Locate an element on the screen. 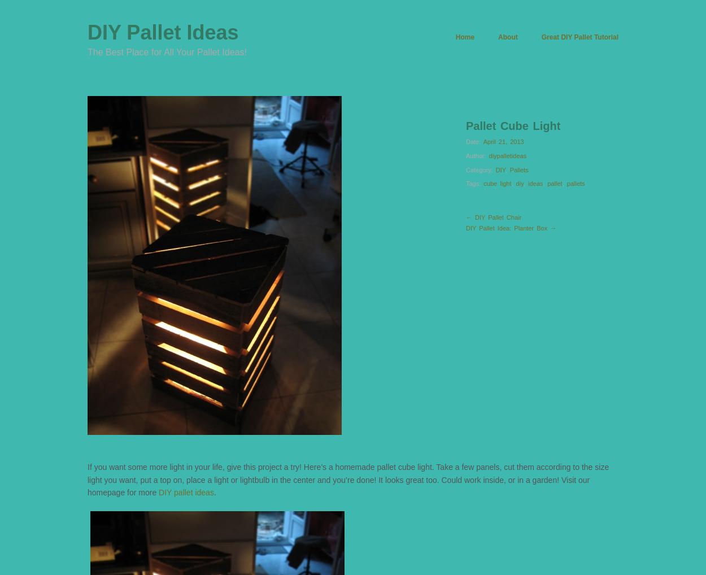 This screenshot has width=706, height=575. 'If you want some more light in your life, give this project a try! Here’s a homemade pallet cube light. Take a few panels, cut them according to the size light you want, put a top on, place a light or lightbulb in the center and you’re done! It looks great too. Could work inside, or in a garden! Visit our homepage for more' is located at coordinates (347, 479).